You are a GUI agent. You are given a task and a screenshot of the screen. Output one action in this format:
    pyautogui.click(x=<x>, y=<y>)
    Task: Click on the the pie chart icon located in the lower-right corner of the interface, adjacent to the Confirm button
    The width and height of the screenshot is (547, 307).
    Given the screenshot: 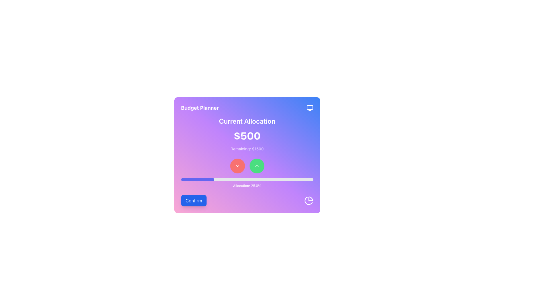 What is the action you would take?
    pyautogui.click(x=308, y=200)
    